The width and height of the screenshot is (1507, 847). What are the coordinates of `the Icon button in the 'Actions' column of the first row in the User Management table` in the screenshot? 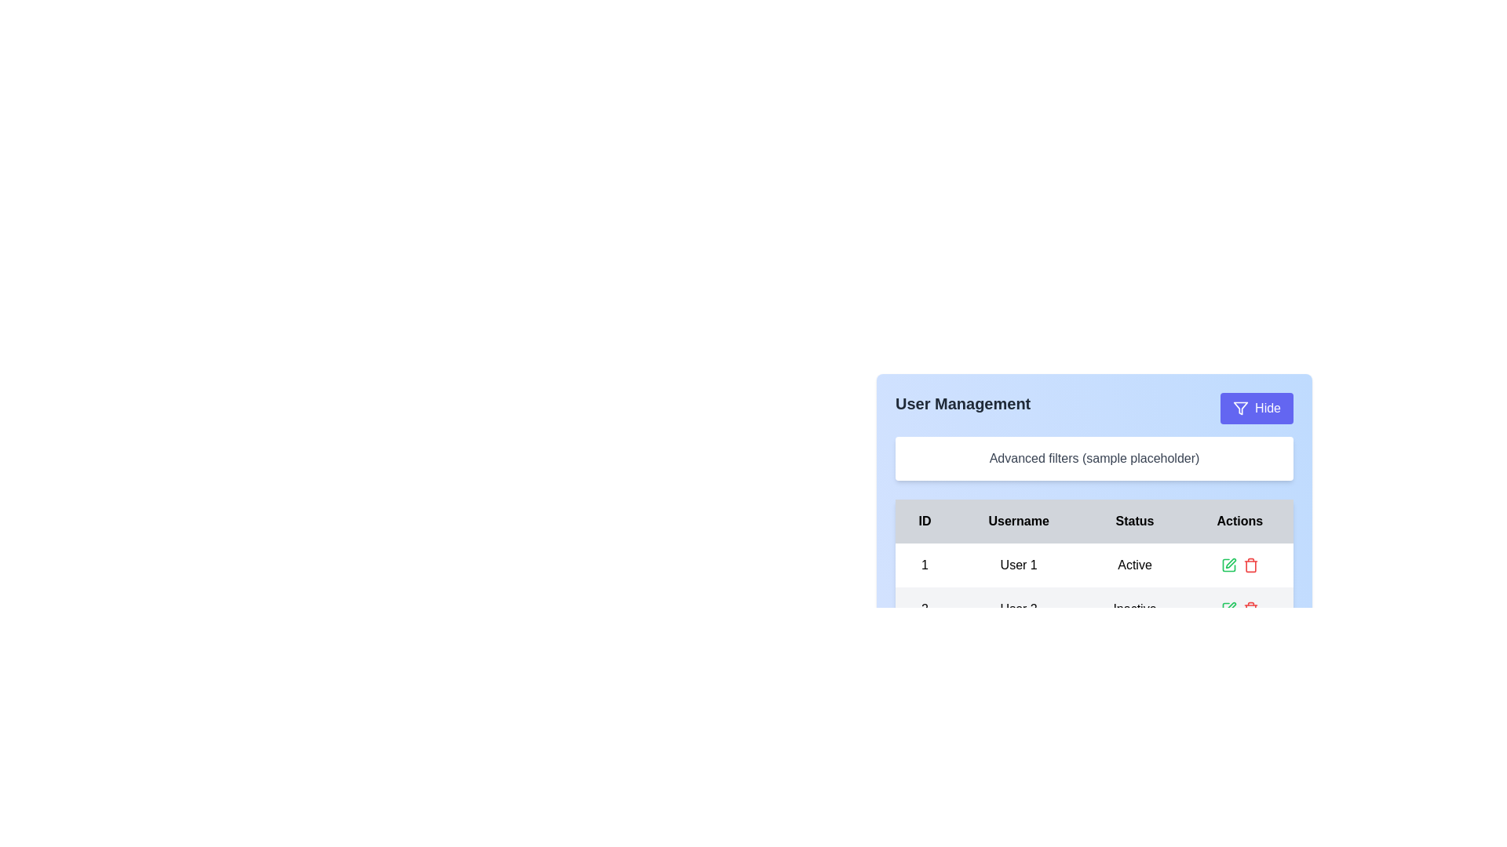 It's located at (1228, 565).